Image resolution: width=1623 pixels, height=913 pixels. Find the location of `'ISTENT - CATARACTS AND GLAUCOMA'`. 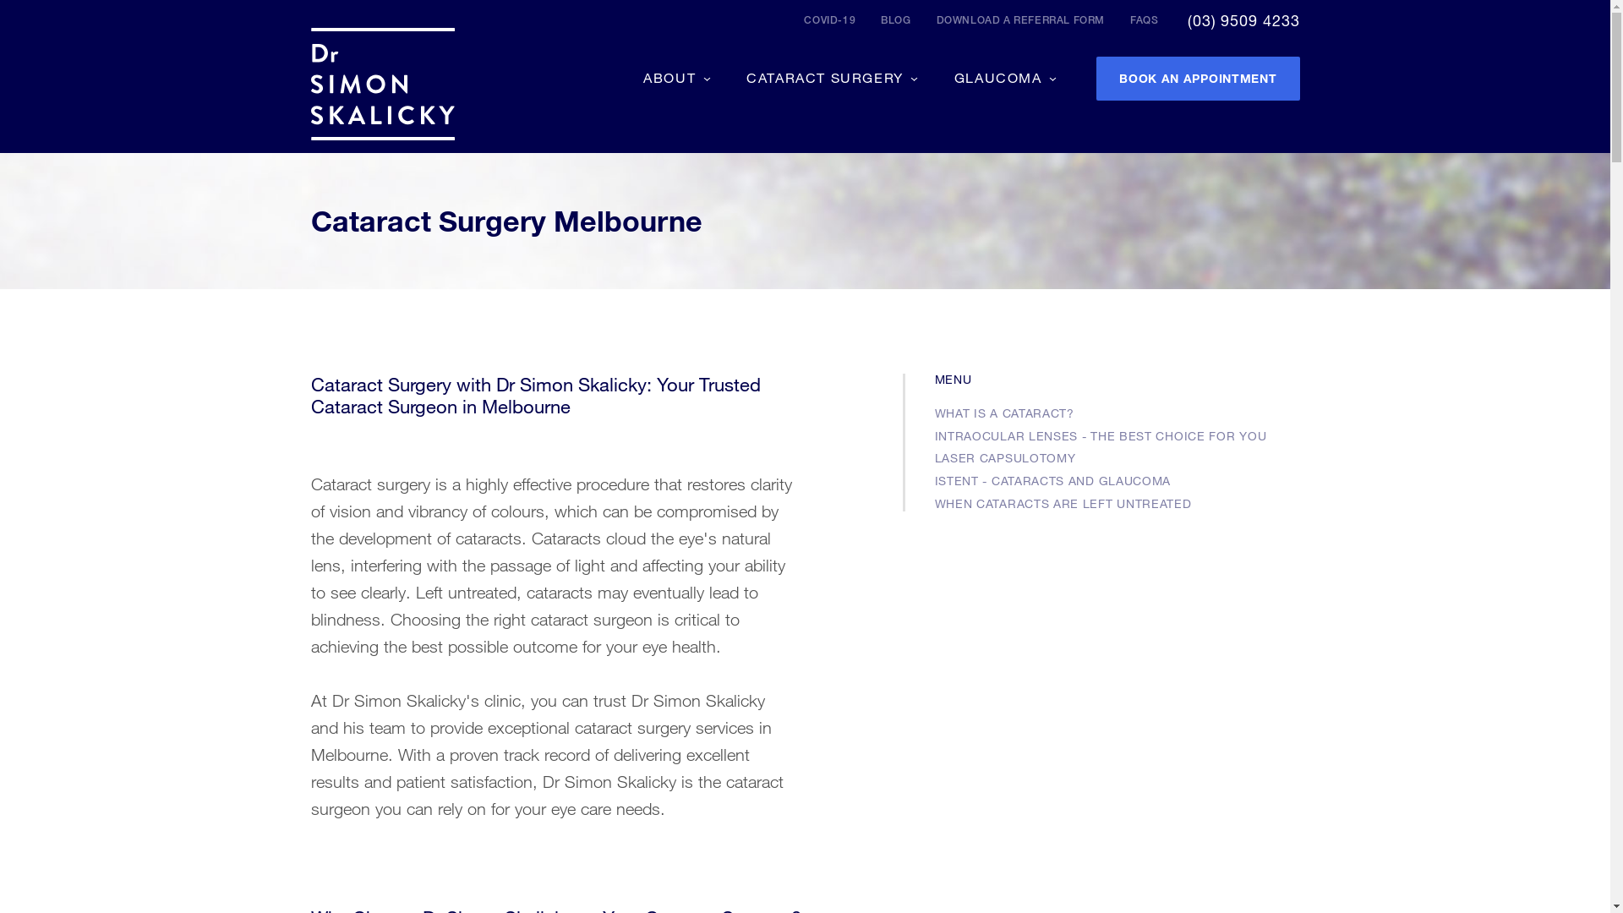

'ISTENT - CATARACTS AND GLAUCOMA' is located at coordinates (1052, 480).